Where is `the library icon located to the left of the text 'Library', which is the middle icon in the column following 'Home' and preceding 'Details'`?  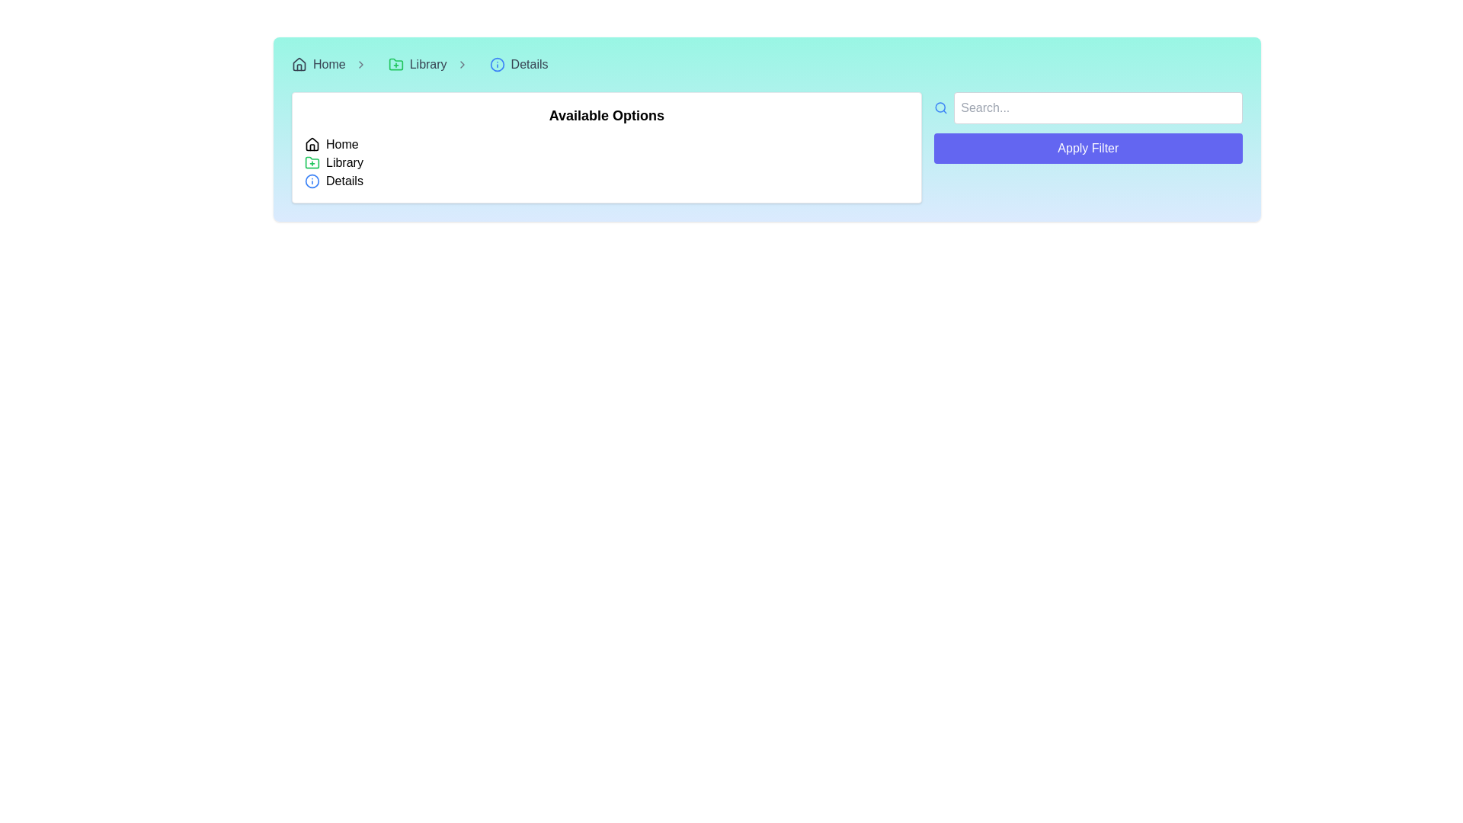 the library icon located to the left of the text 'Library', which is the middle icon in the column following 'Home' and preceding 'Details' is located at coordinates (311, 162).